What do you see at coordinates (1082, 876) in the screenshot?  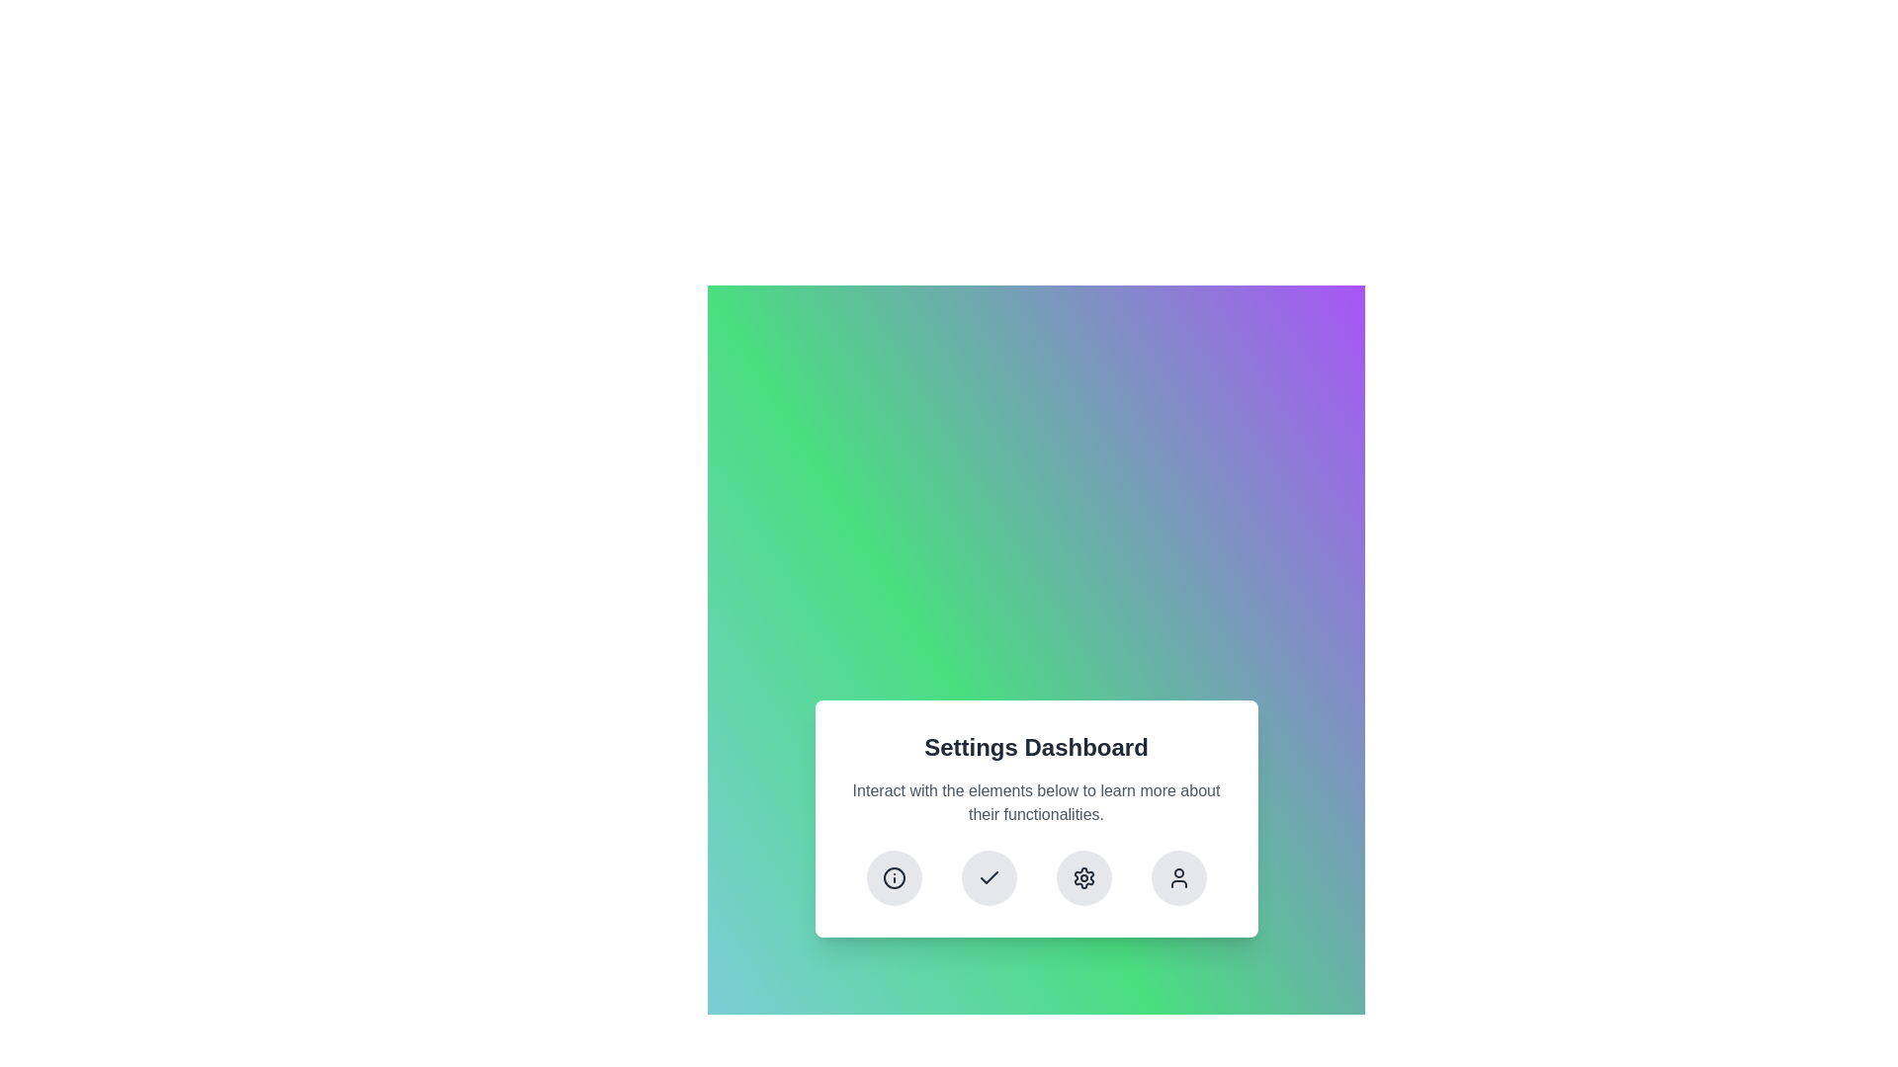 I see `the settings button` at bounding box center [1082, 876].